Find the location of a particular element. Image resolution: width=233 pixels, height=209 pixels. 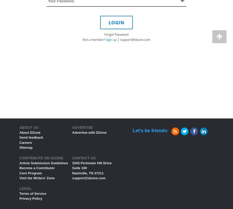

'|' is located at coordinates (117, 39).